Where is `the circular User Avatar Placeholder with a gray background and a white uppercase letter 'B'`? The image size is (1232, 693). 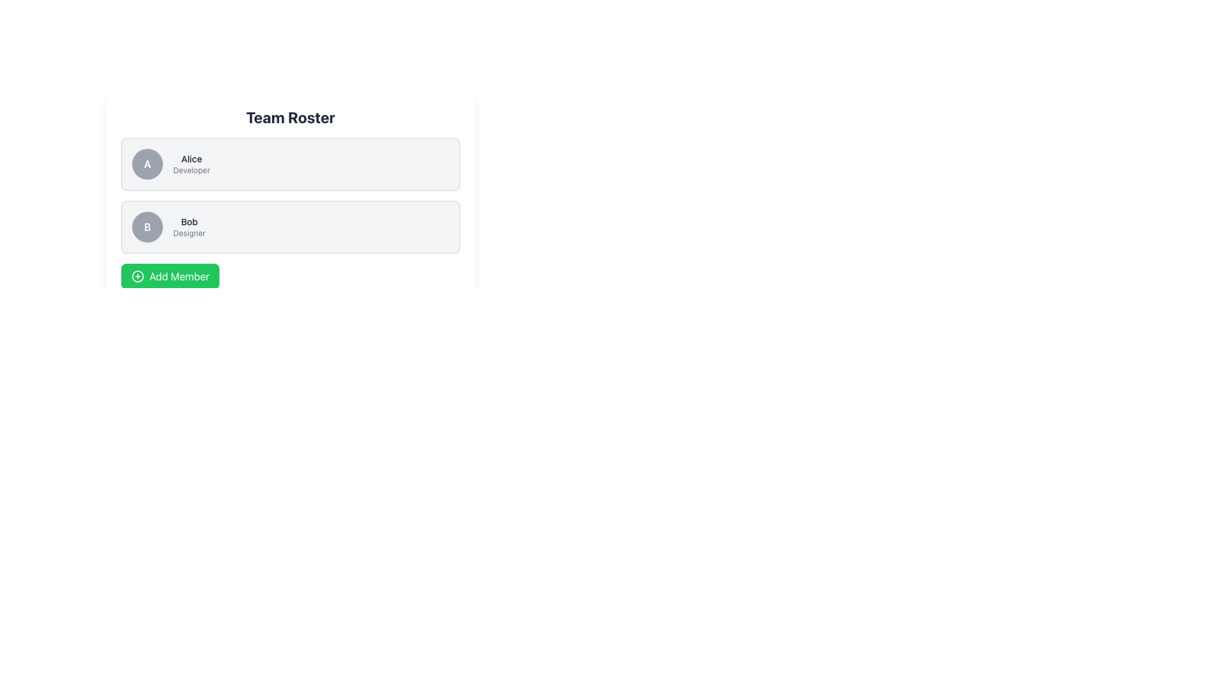
the circular User Avatar Placeholder with a gray background and a white uppercase letter 'B' is located at coordinates (148, 227).